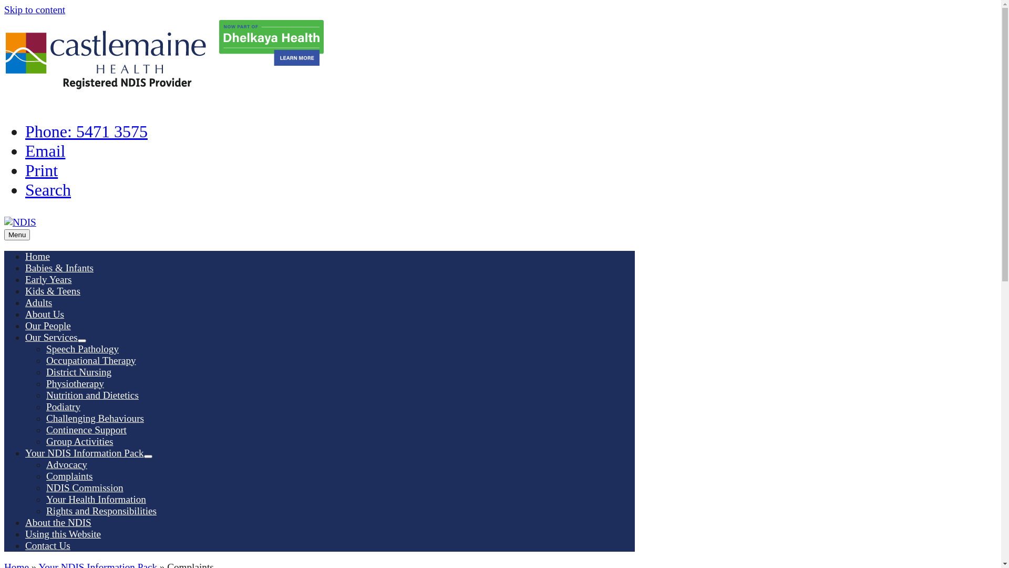  I want to click on 'Early Years', so click(47, 279).